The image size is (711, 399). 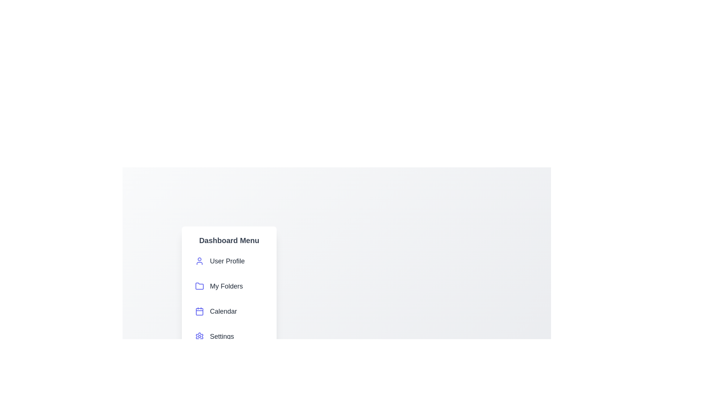 What do you see at coordinates (229, 311) in the screenshot?
I see `the menu item Calendar to highlight it` at bounding box center [229, 311].